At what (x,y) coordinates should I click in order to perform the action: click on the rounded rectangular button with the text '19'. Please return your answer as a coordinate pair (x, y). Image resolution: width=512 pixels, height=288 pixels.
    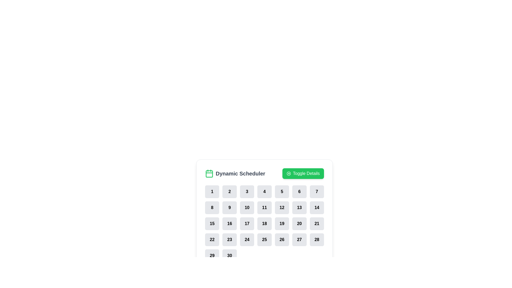
    Looking at the image, I should click on (282, 224).